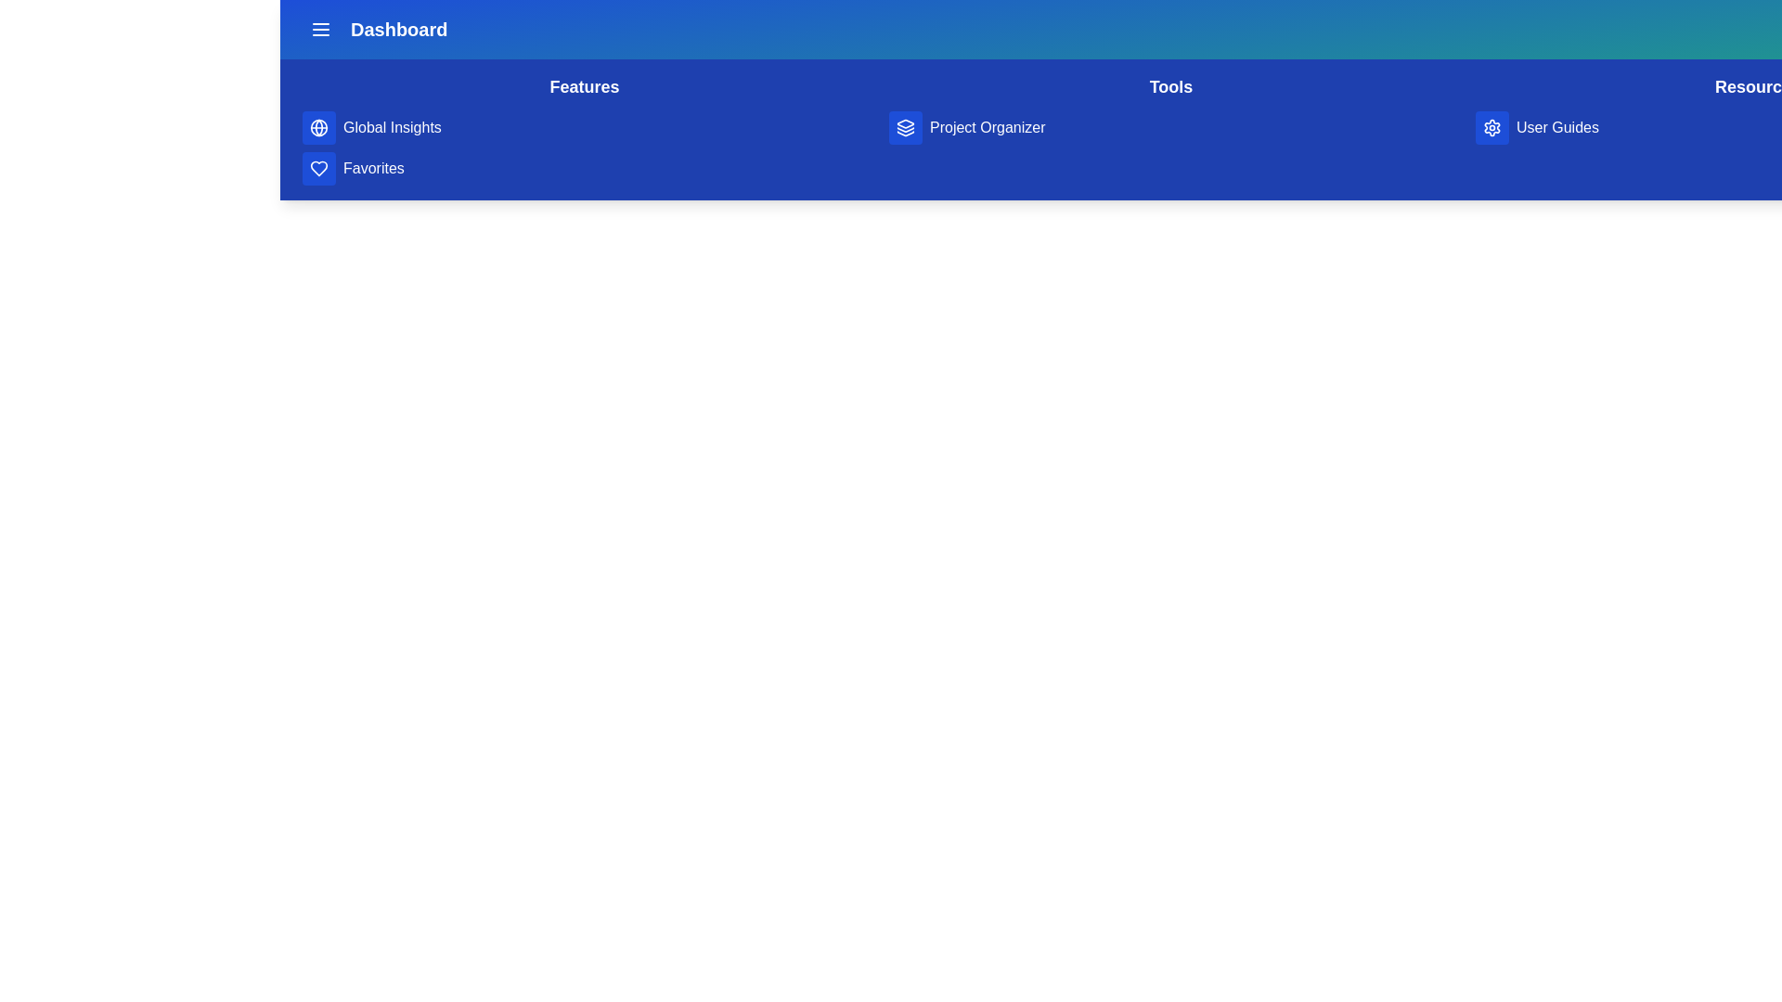 This screenshot has height=1002, width=1782. I want to click on the rounded square button with a blue background and a white globe icon, located to the left of the 'Global Insights' text in the 'Features' section, so click(319, 127).